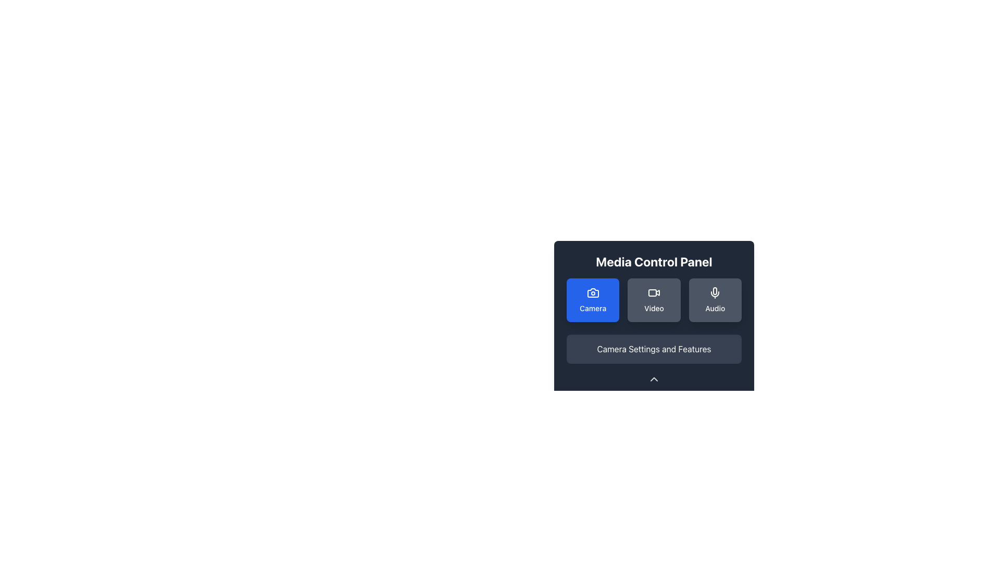  I want to click on the navigation icon located centrally at the bottom of the panel, beneath the 'Camera Settings and Features' section, so click(654, 381).